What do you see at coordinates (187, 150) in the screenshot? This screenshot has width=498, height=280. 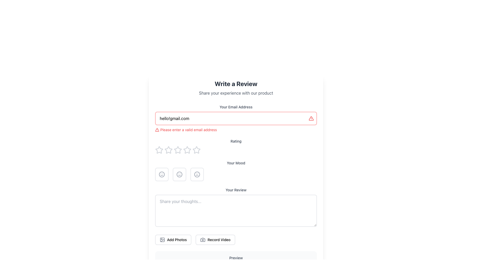 I see `the third star-shaped rating icon in the Rating section to provide a 3-star rating` at bounding box center [187, 150].